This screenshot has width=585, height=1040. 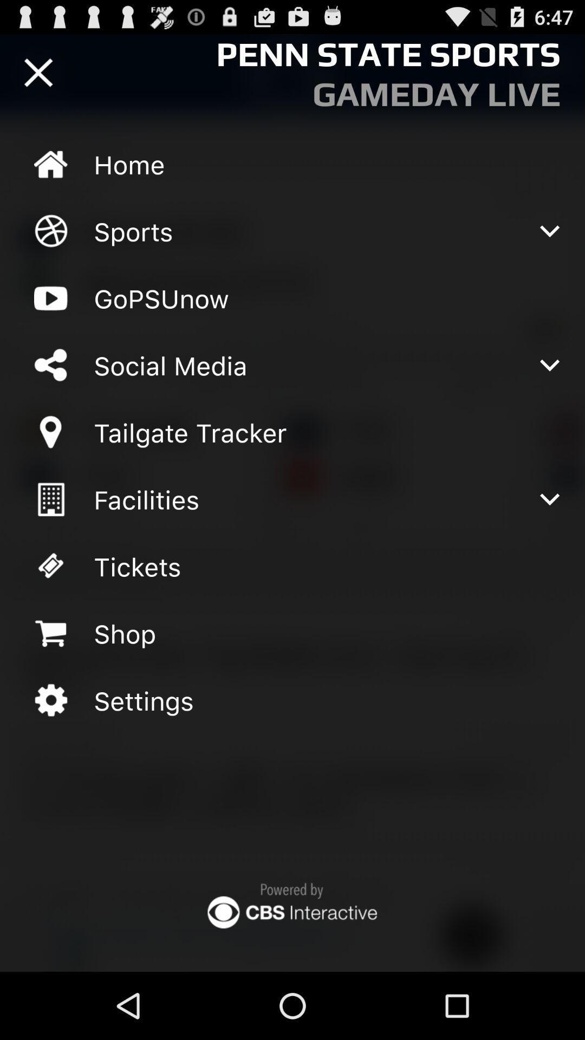 What do you see at coordinates (38, 77) in the screenshot?
I see `the close icon` at bounding box center [38, 77].